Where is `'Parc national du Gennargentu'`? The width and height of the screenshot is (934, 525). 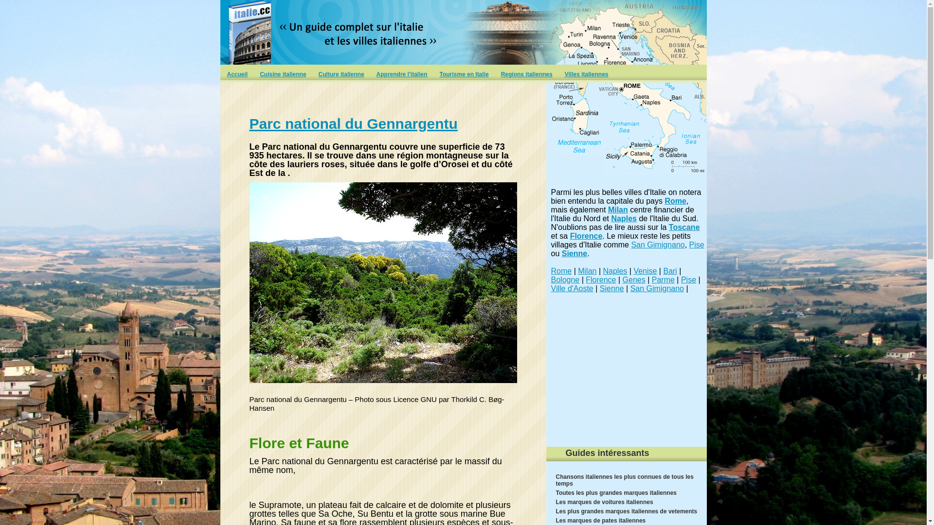
'Parc national du Gennargentu' is located at coordinates (383, 286).